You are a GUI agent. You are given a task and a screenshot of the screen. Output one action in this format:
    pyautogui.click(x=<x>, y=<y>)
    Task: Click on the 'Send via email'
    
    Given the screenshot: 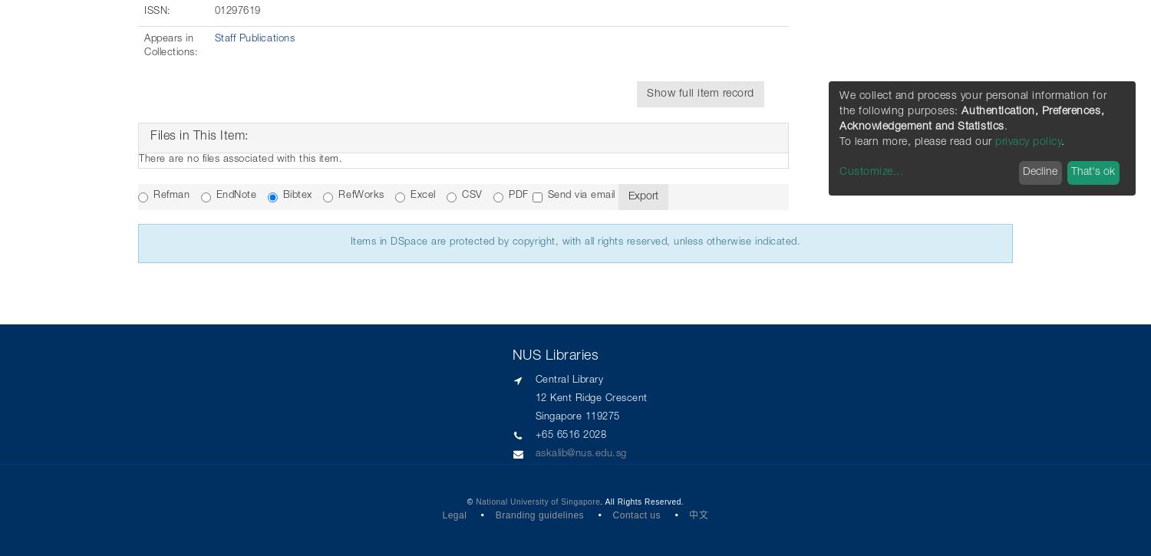 What is the action you would take?
    pyautogui.click(x=581, y=196)
    